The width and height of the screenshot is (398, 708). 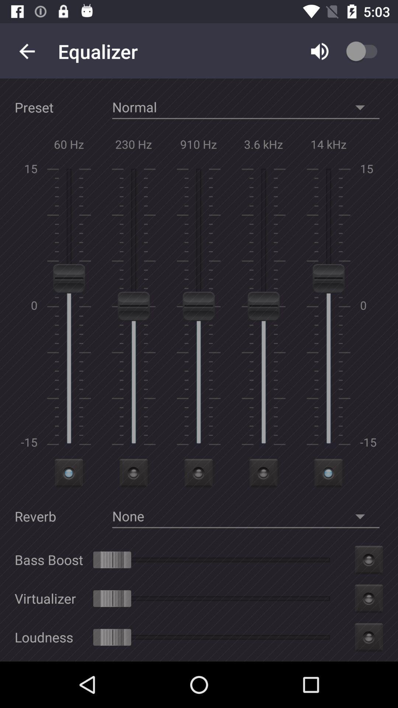 I want to click on the second icon from the bottom right of the page, so click(x=369, y=598).